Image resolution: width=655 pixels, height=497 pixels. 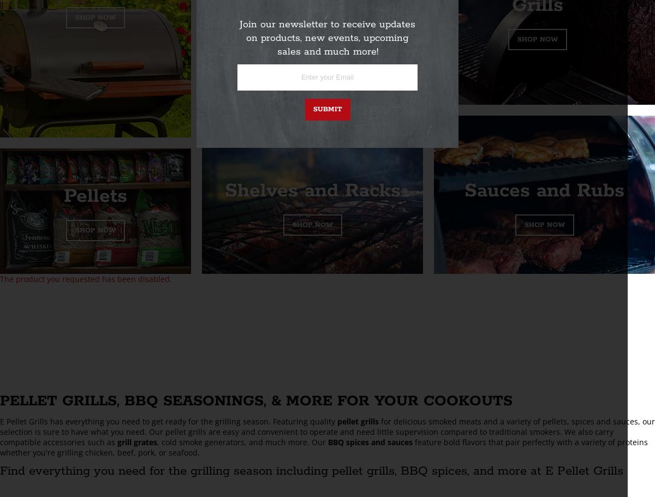 I want to click on 'Sauces and Rubs', so click(x=544, y=190).